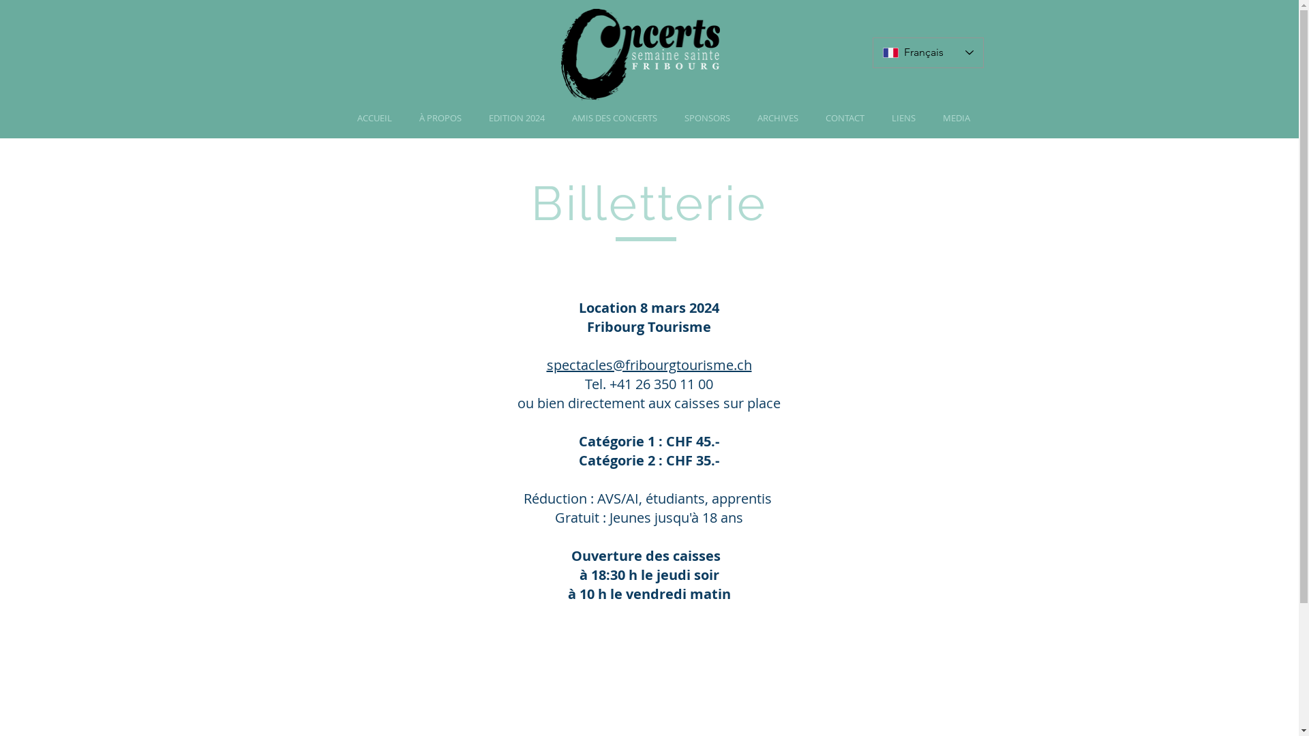 This screenshot has height=736, width=1309. What do you see at coordinates (903, 117) in the screenshot?
I see `'LIENS'` at bounding box center [903, 117].